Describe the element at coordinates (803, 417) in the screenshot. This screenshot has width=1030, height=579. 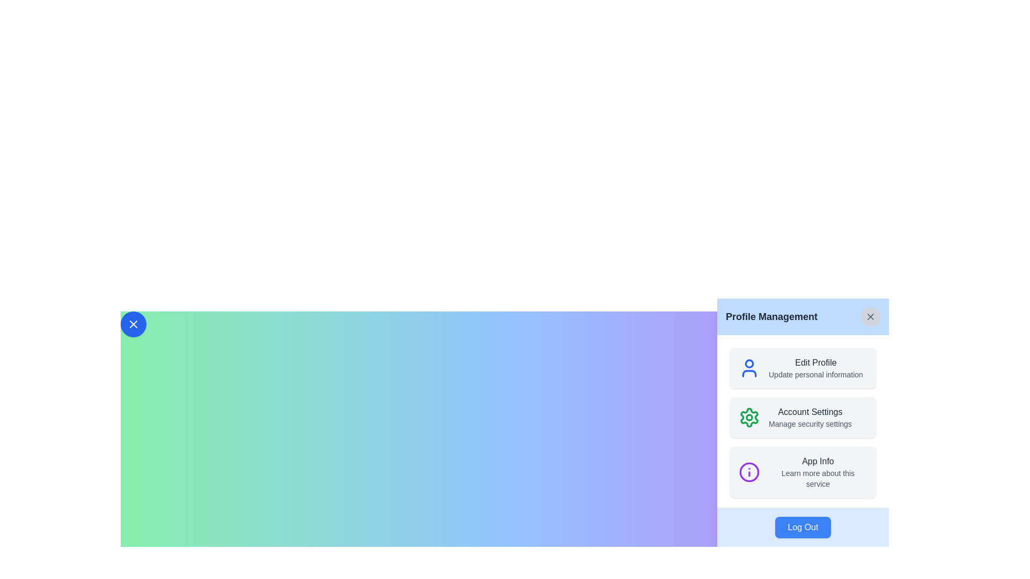
I see `the 'Account Settings' Information Panel Section, which has a light gray background, rounded corners, a green gear icon, and bold text, to highlight or interact with it` at that location.